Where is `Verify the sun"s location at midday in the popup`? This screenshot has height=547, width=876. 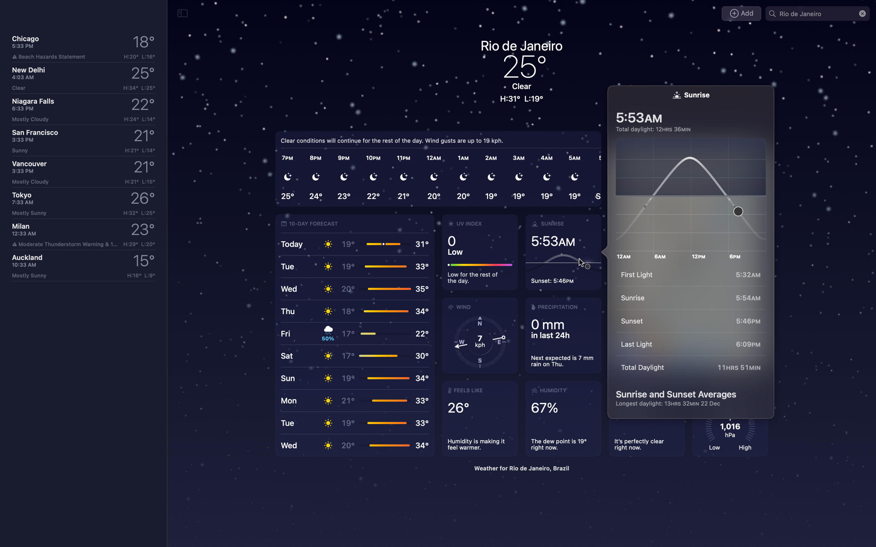 Verify the sun"s location at midday in the popup is located at coordinates (694, 195).